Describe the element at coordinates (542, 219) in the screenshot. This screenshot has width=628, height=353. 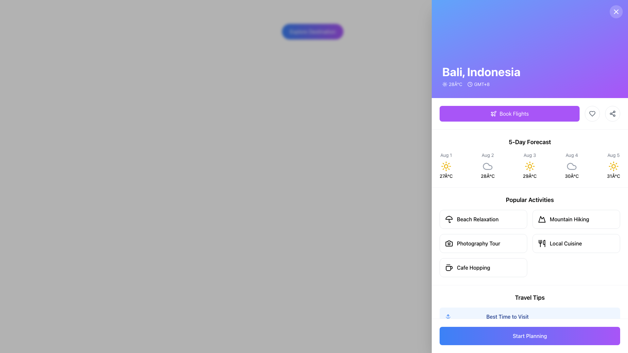
I see `the mountain hiking icon located within the 'Mountain Hiking' card under the 'Popular Activities' section, positioned on the left side adjacent to the descriptive text` at that location.